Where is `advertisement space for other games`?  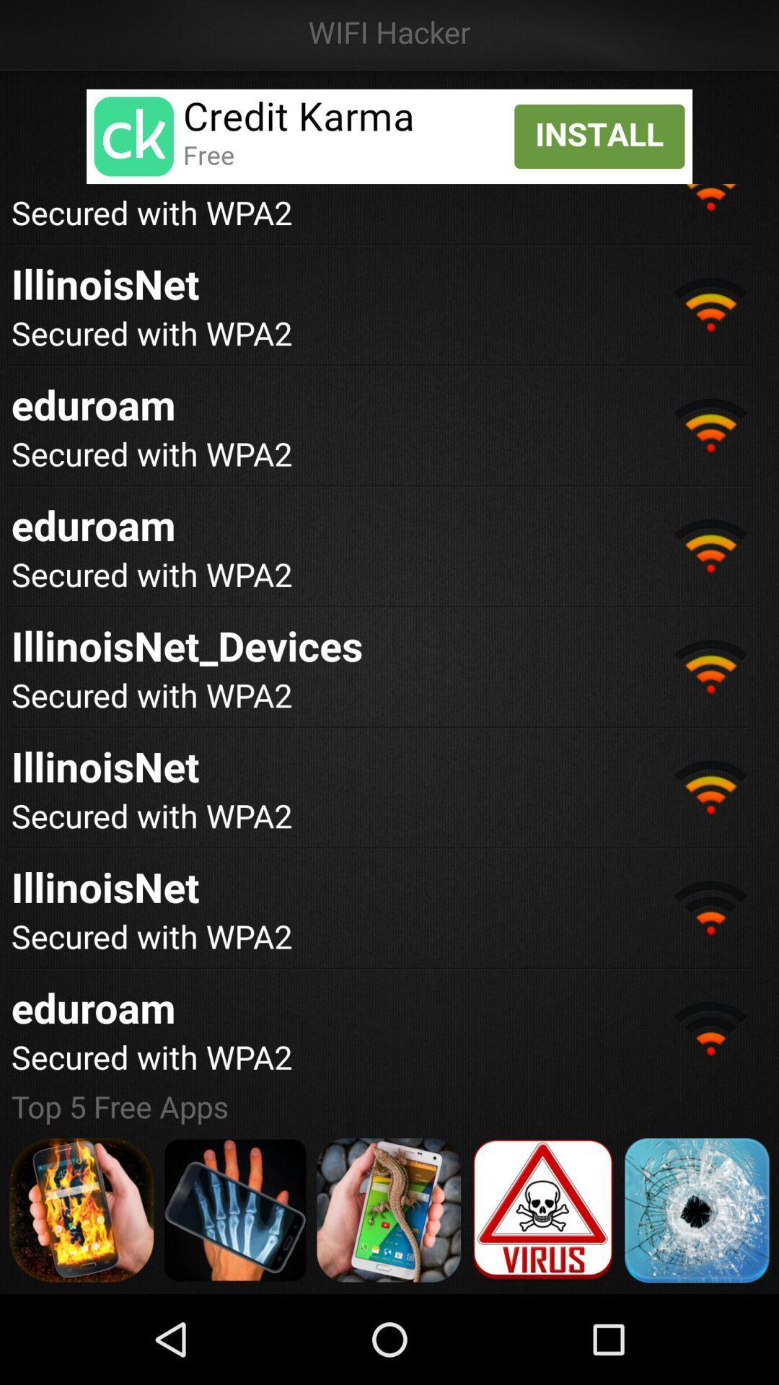
advertisement space for other games is located at coordinates (388, 1210).